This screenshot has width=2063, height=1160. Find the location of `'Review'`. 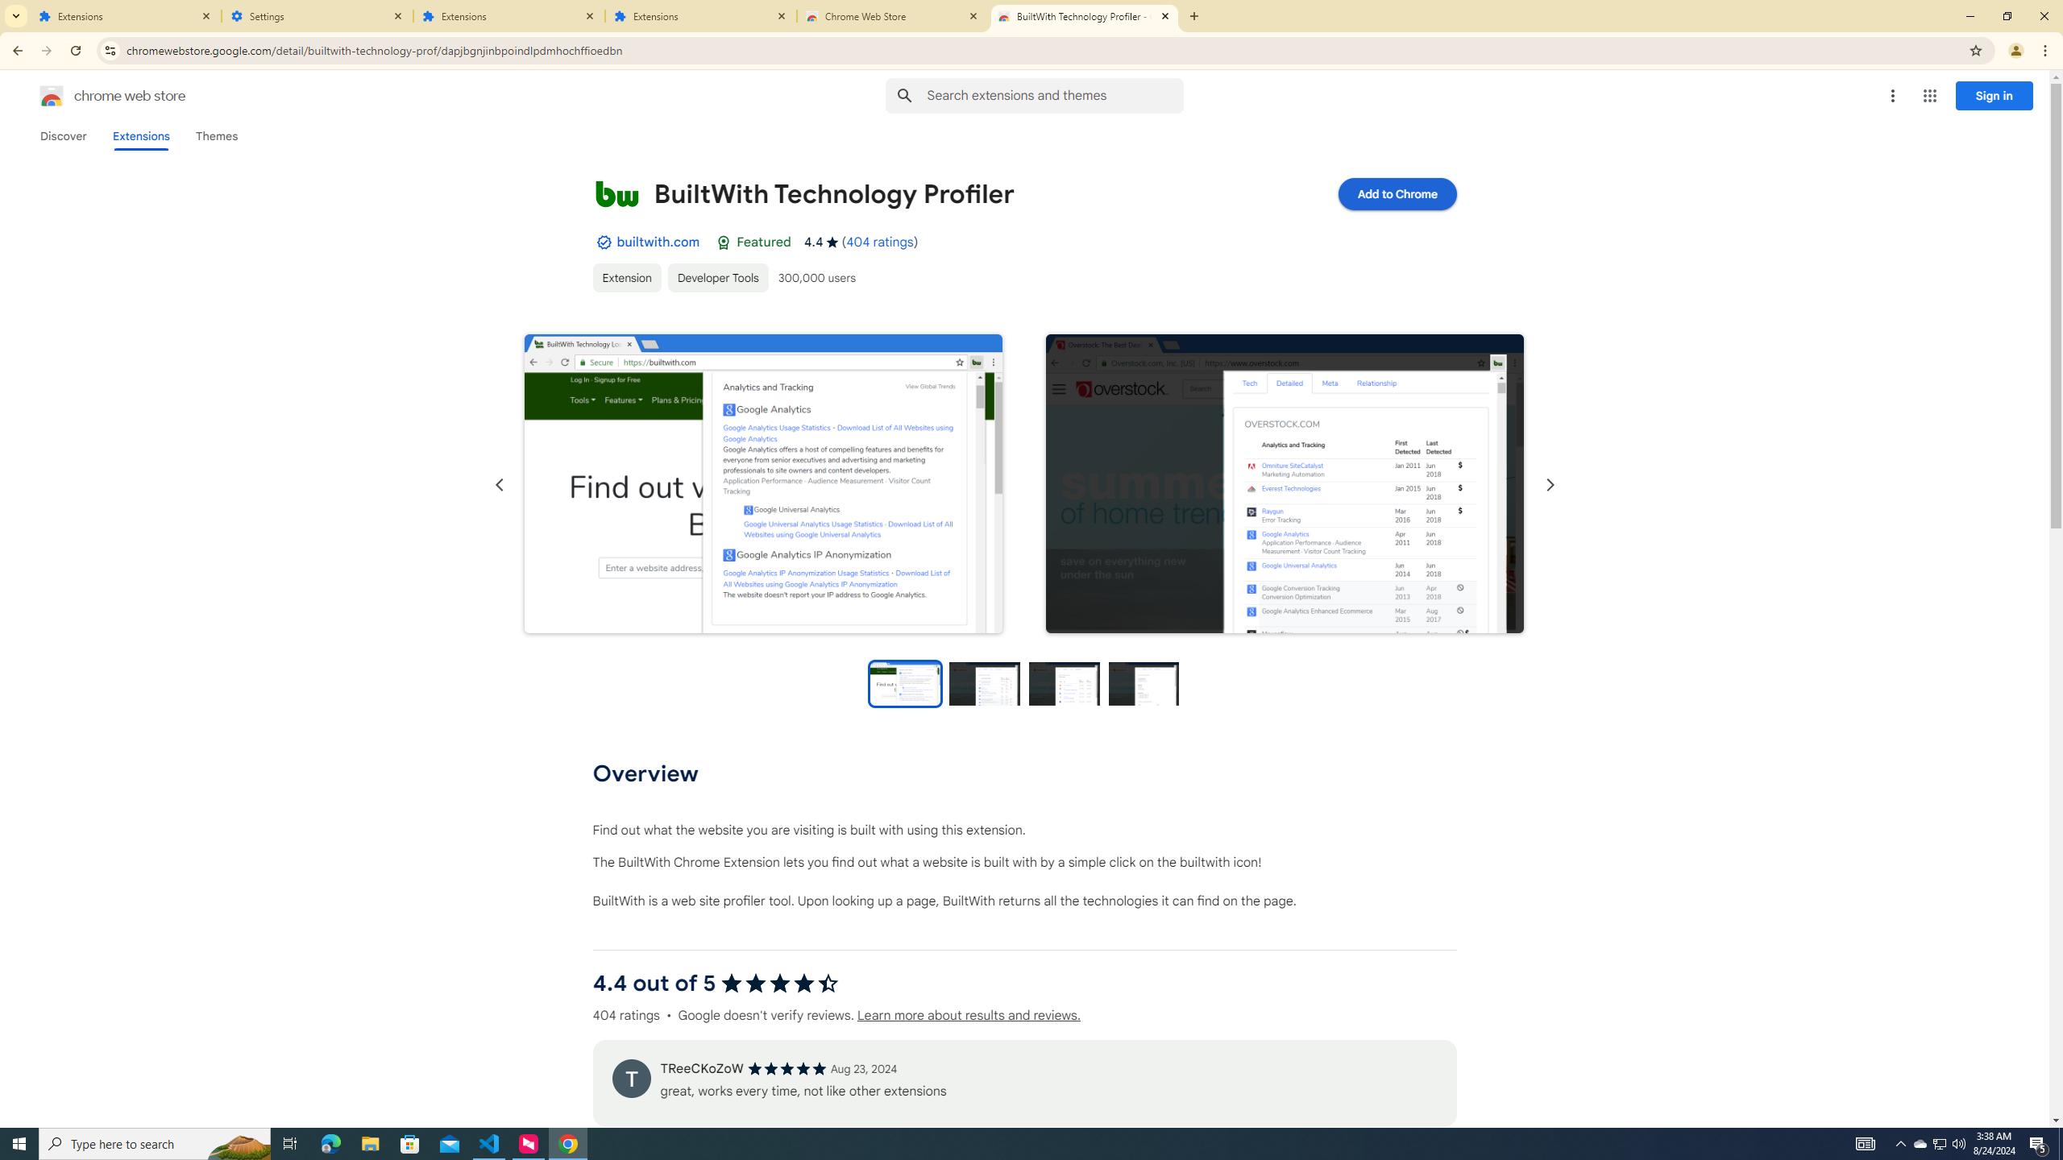

'Review' is located at coordinates (630, 1077).